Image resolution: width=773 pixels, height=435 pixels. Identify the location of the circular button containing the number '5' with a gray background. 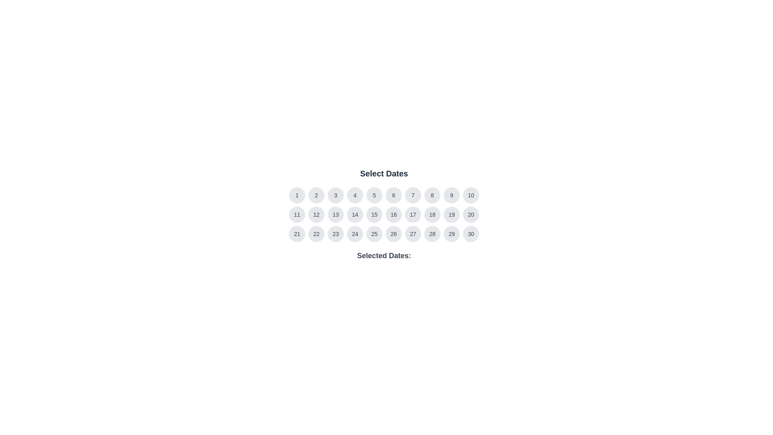
(374, 195).